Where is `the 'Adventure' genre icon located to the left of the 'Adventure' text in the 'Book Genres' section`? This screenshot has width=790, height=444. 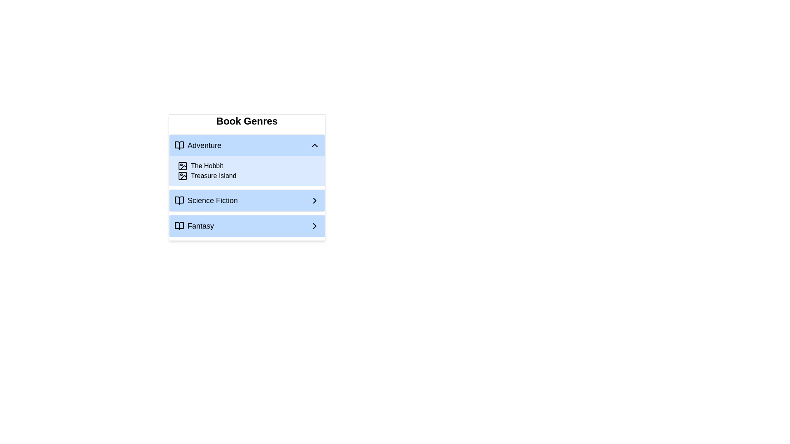 the 'Adventure' genre icon located to the left of the 'Adventure' text in the 'Book Genres' section is located at coordinates (179, 145).